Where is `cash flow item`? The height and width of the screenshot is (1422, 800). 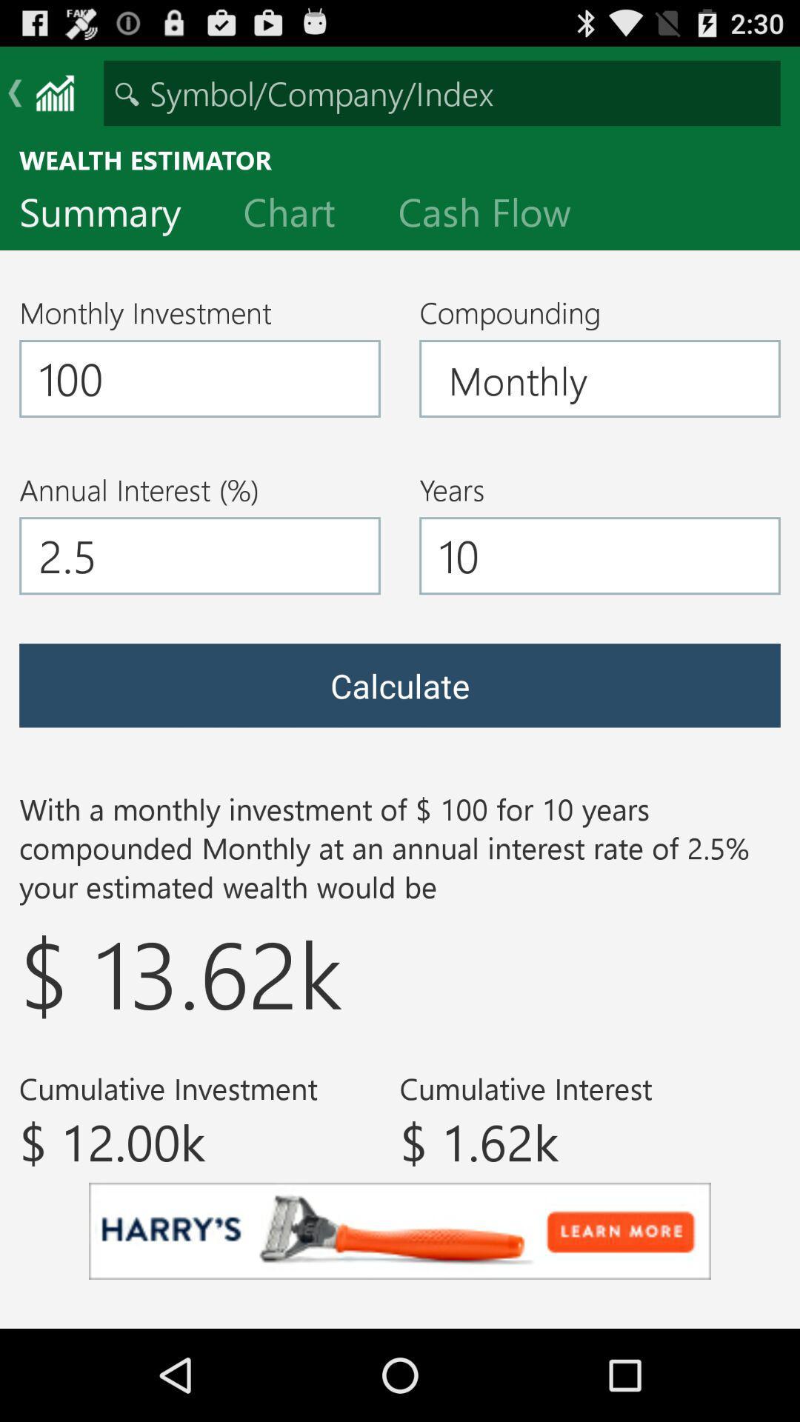 cash flow item is located at coordinates (496, 215).